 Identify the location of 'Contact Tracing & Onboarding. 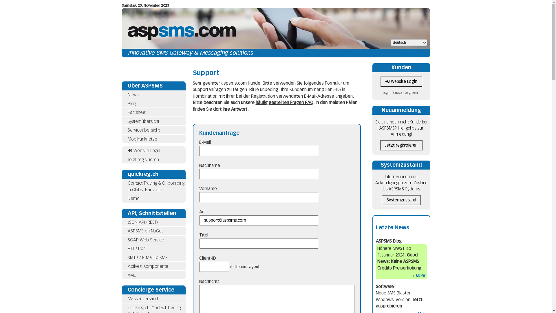
(153, 186).